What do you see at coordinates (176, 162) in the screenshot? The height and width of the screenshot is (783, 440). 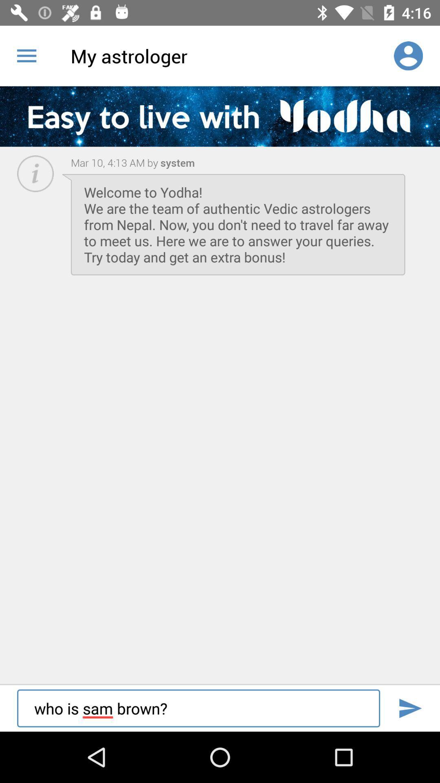 I see `item next to mar 10 4` at bounding box center [176, 162].